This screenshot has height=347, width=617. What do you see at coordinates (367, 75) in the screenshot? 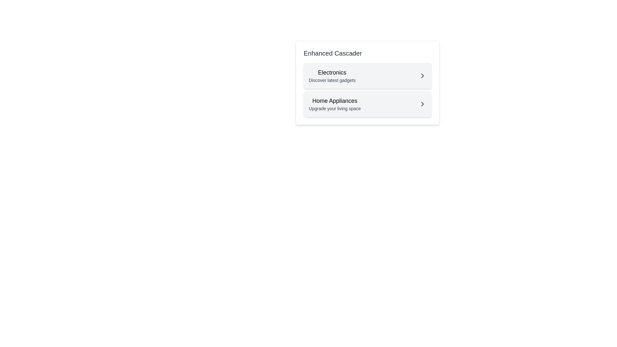
I see `the clickable menu item labeled 'Electronics' with the description 'Discover latest gadgets'` at bounding box center [367, 75].